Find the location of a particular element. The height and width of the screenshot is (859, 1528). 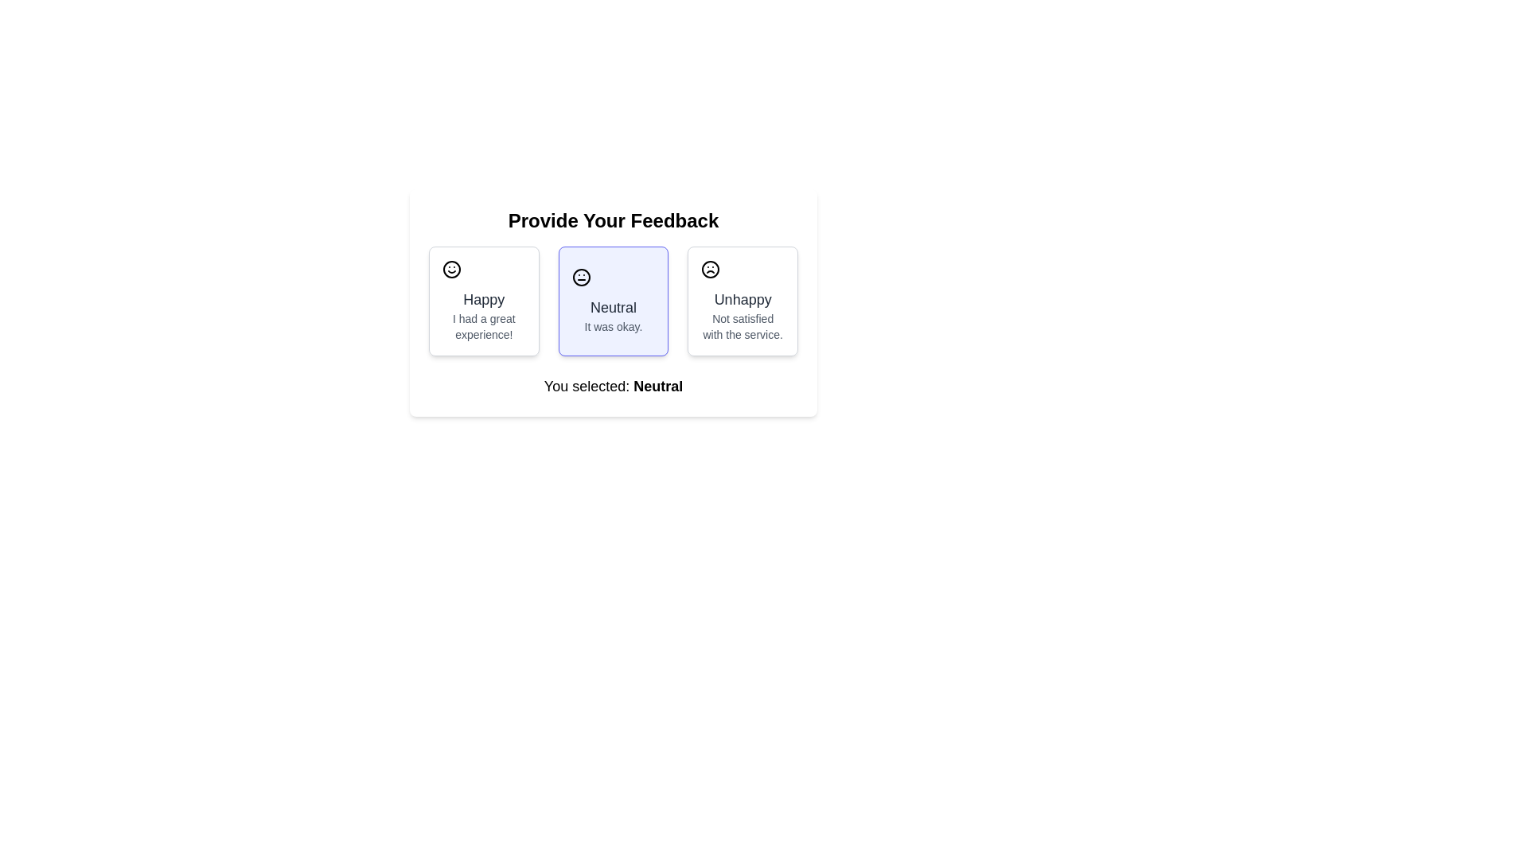

the neutral face icon in the feedback selection interface is located at coordinates (580, 276).